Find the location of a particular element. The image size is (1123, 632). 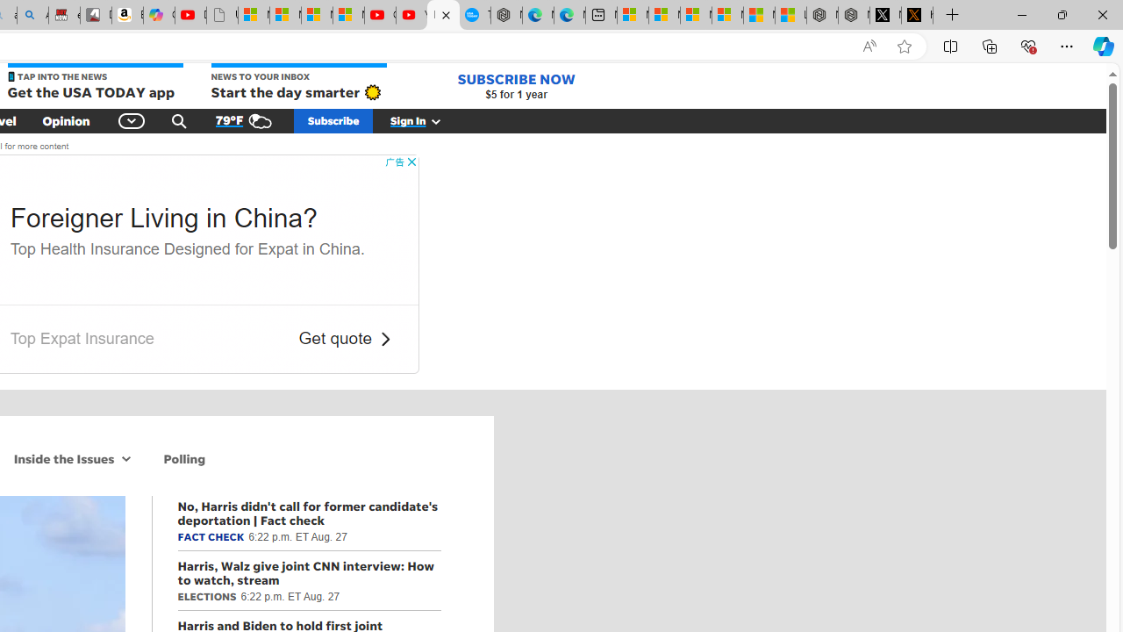

'Global Navigation' is located at coordinates (132, 119).